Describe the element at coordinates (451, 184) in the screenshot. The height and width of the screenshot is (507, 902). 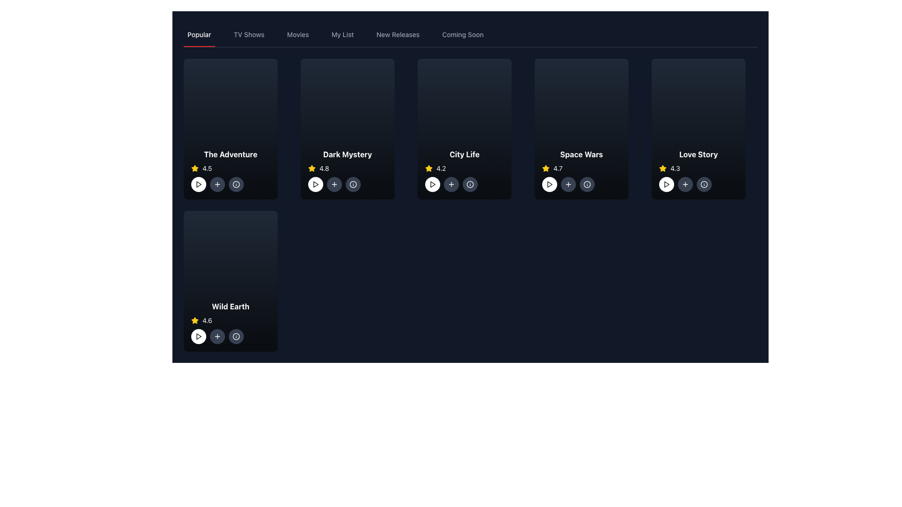
I see `the second button from the left in the row of three buttons under the 'City Life' card` at that location.